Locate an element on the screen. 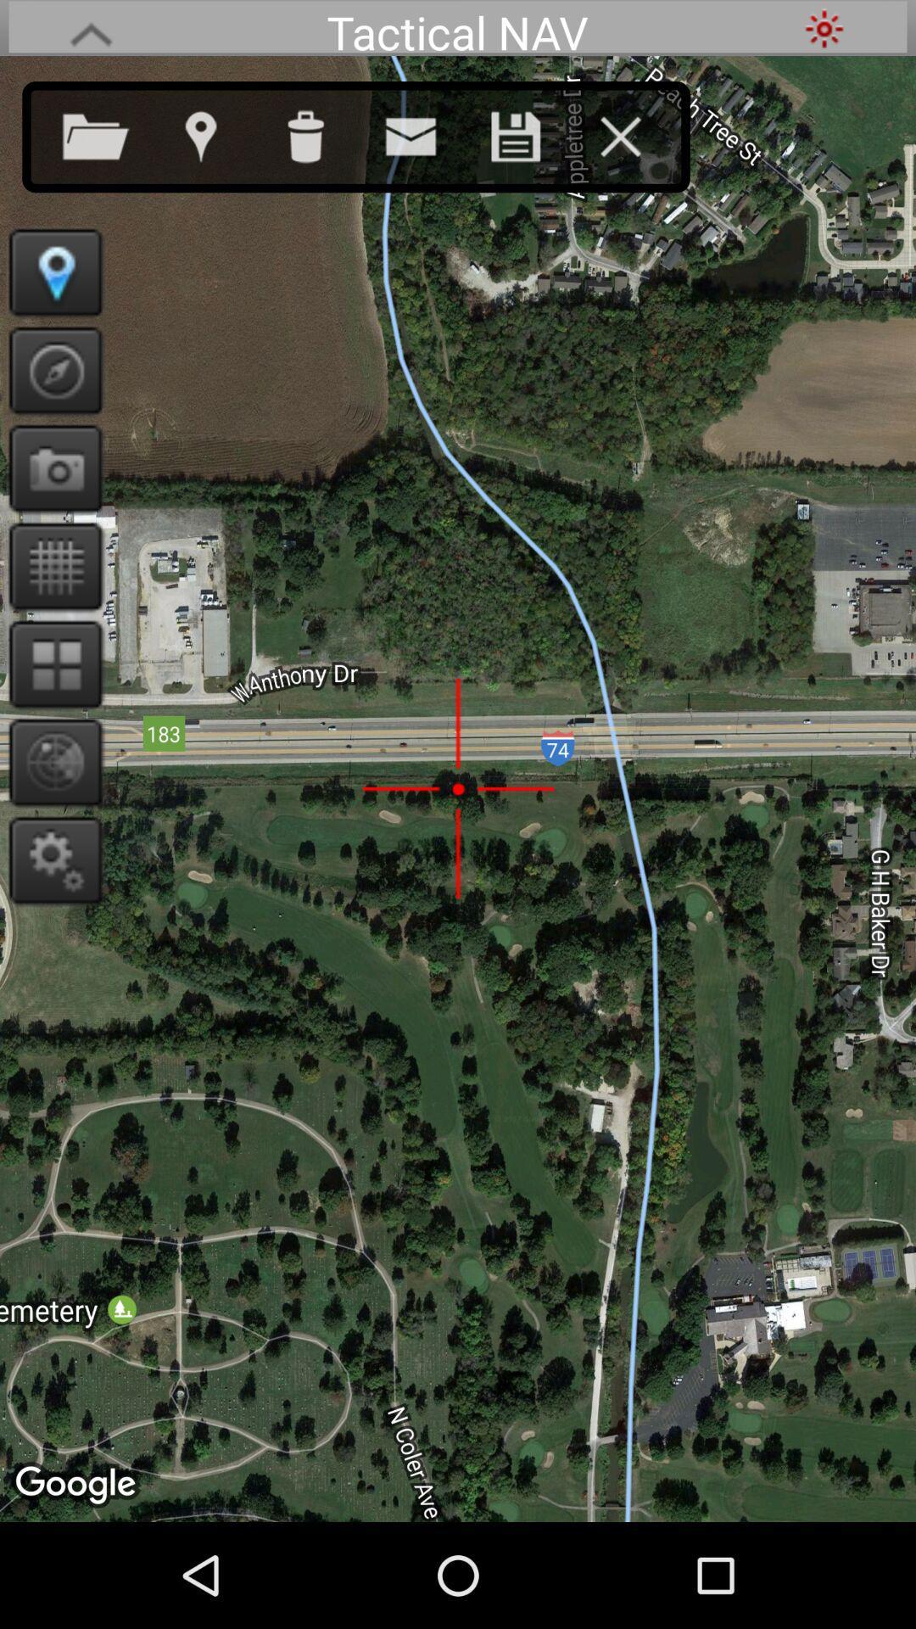 The height and width of the screenshot is (1629, 916). the icon next to the tactical nav icon is located at coordinates (91, 28).